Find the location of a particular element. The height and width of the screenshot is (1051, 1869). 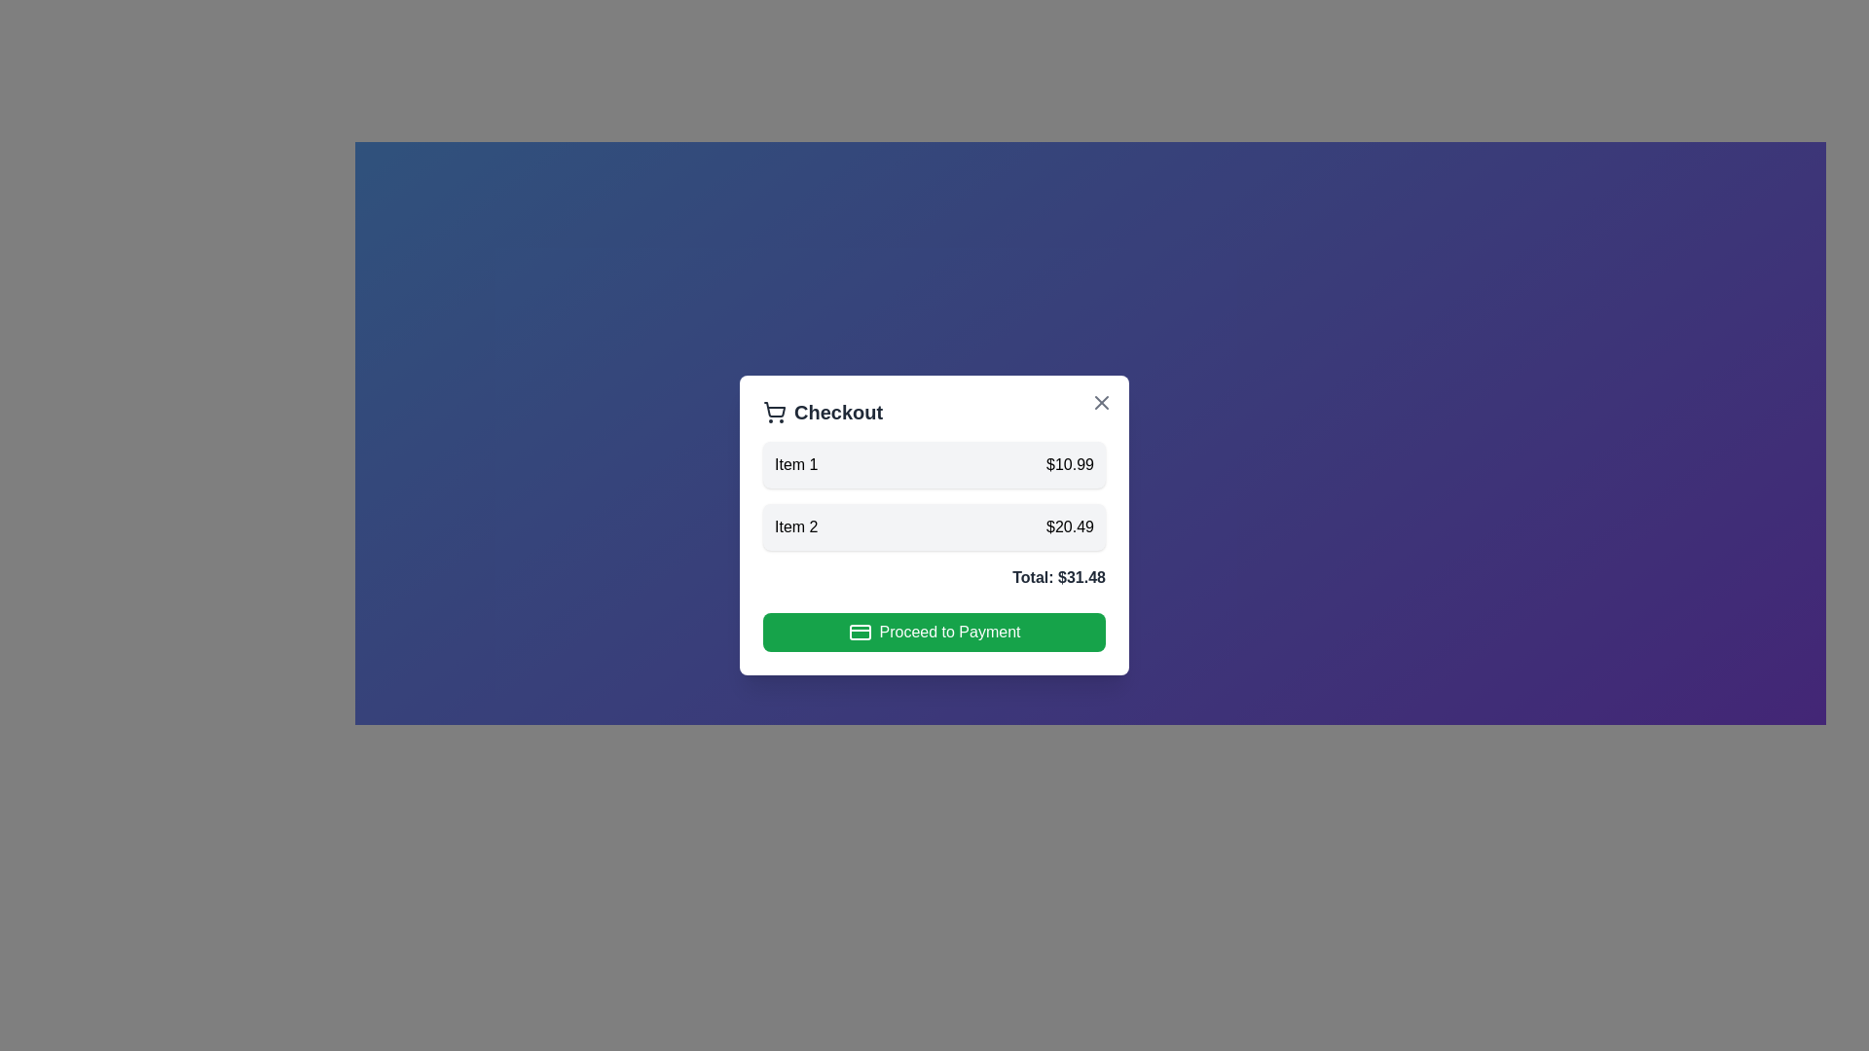

the icon located within the progress button at the bottom section of the checkout modal dialog, positioned on the left side of the button's text is located at coordinates (859, 633).